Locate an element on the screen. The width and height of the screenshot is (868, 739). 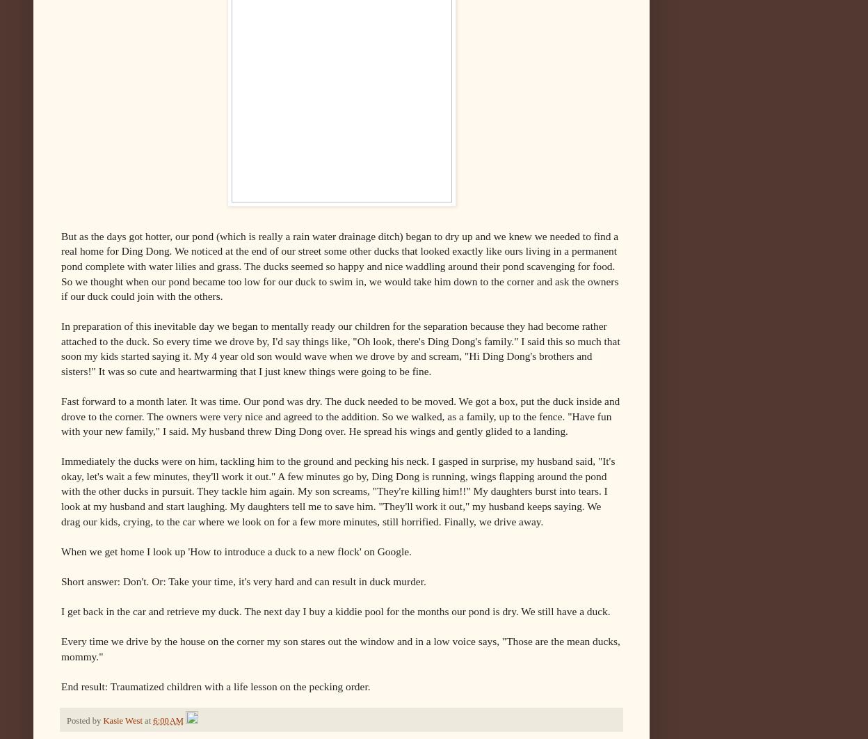
'I get back in the car and retrieve my duck.  The next day I buy a kiddie pool for the months our pond is dry.  We still have a duck.' is located at coordinates (335, 610).